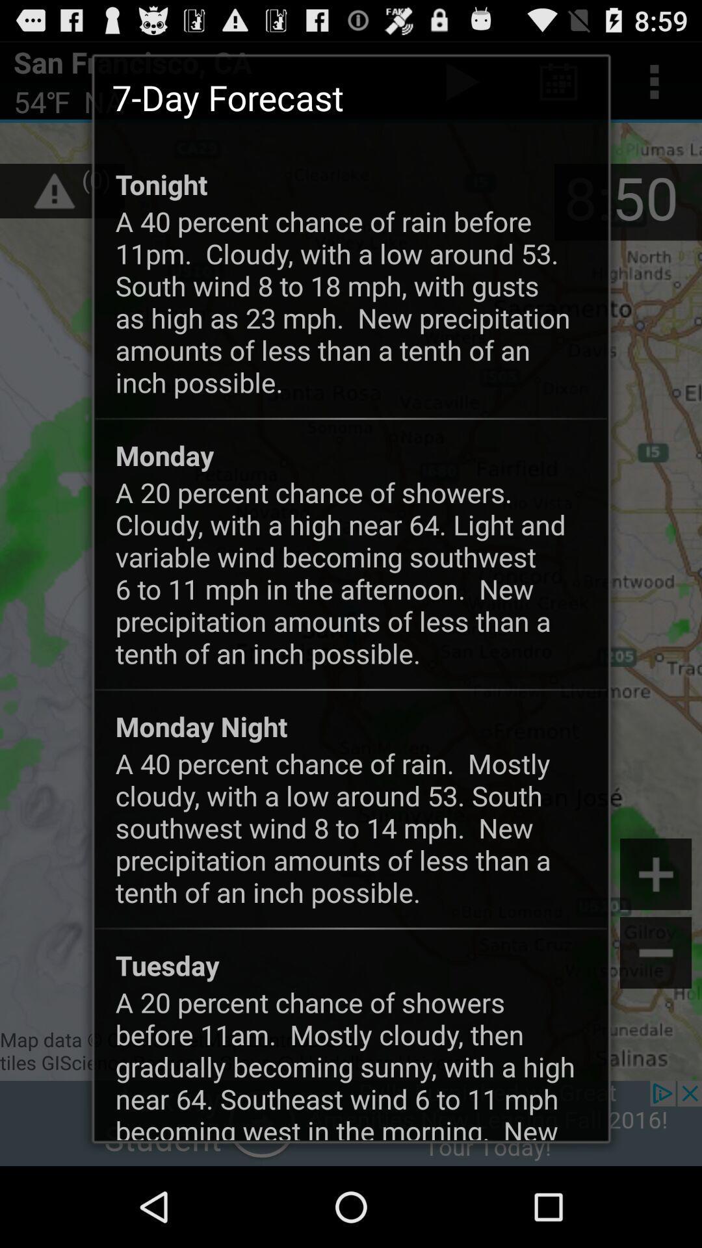 This screenshot has width=702, height=1248. What do you see at coordinates (201, 725) in the screenshot?
I see `monday night app` at bounding box center [201, 725].